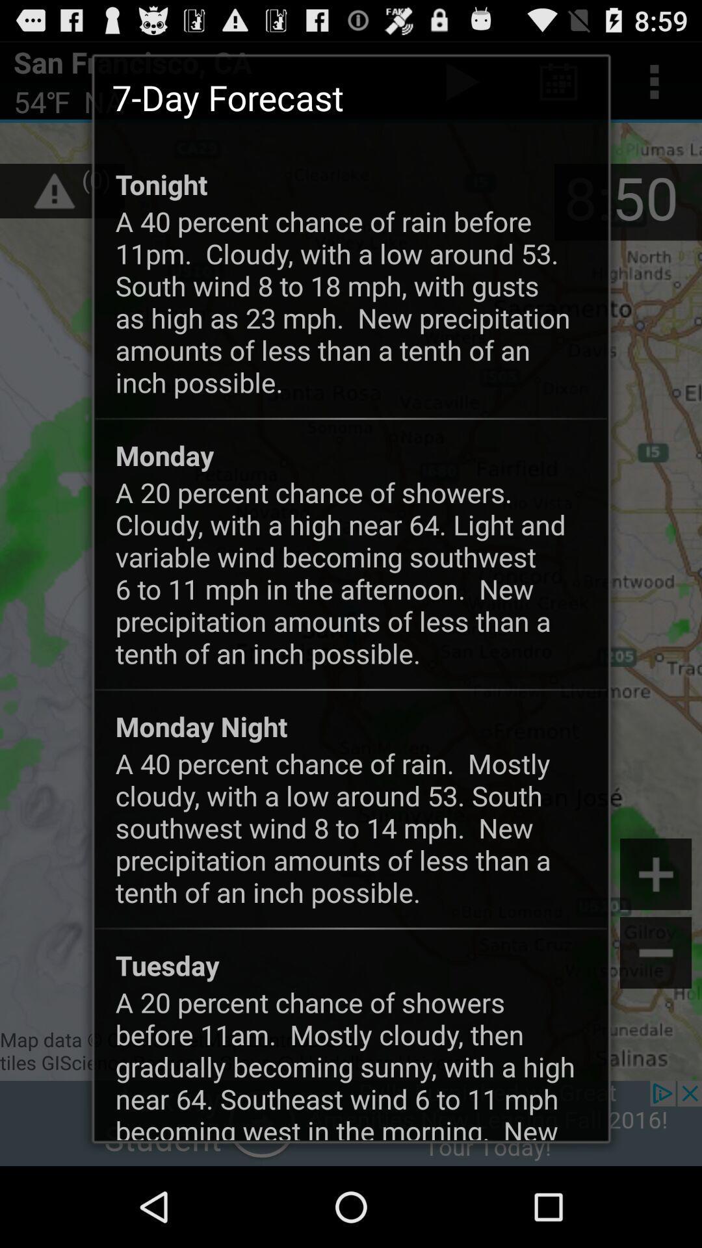 This screenshot has width=702, height=1248. What do you see at coordinates (201, 725) in the screenshot?
I see `monday night app` at bounding box center [201, 725].